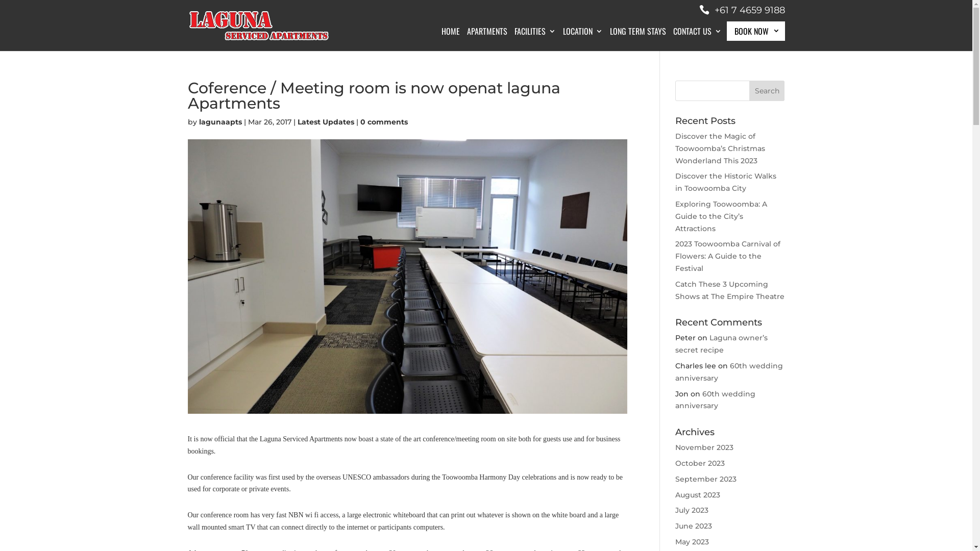 The width and height of the screenshot is (980, 551). I want to click on 'LOCATION', so click(582, 39).